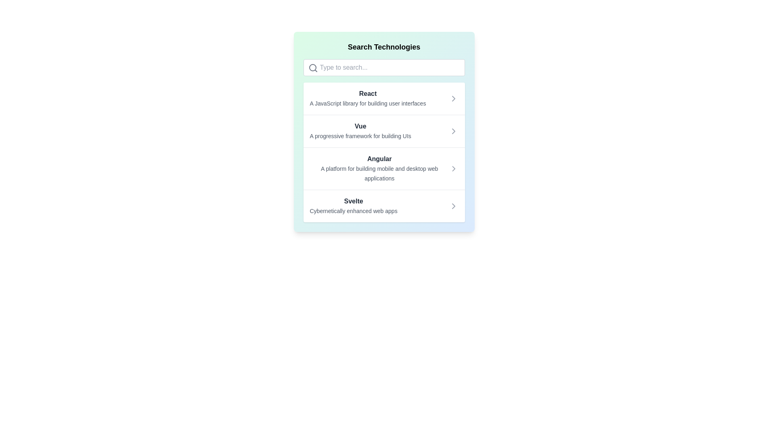  Describe the element at coordinates (383, 168) in the screenshot. I see `the third list item titled 'Angular'` at that location.